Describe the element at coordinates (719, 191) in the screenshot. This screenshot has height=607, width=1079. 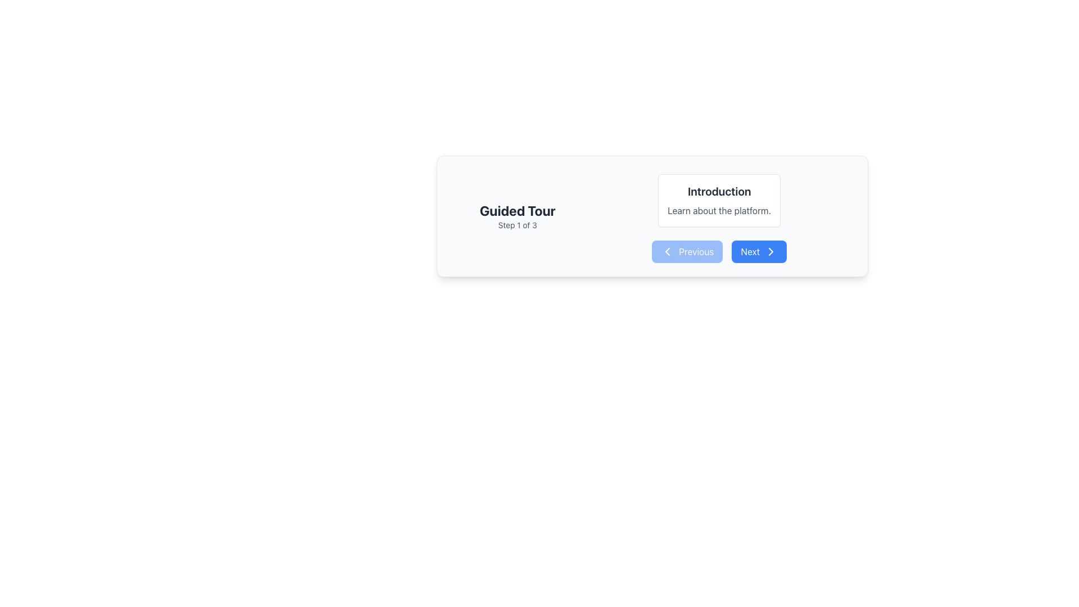
I see `descriptive heading text label located at the top part of the white card, which provides context about the content below it` at that location.